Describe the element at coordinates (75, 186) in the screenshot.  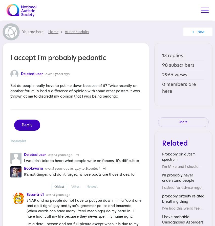
I see `'Votes'` at that location.